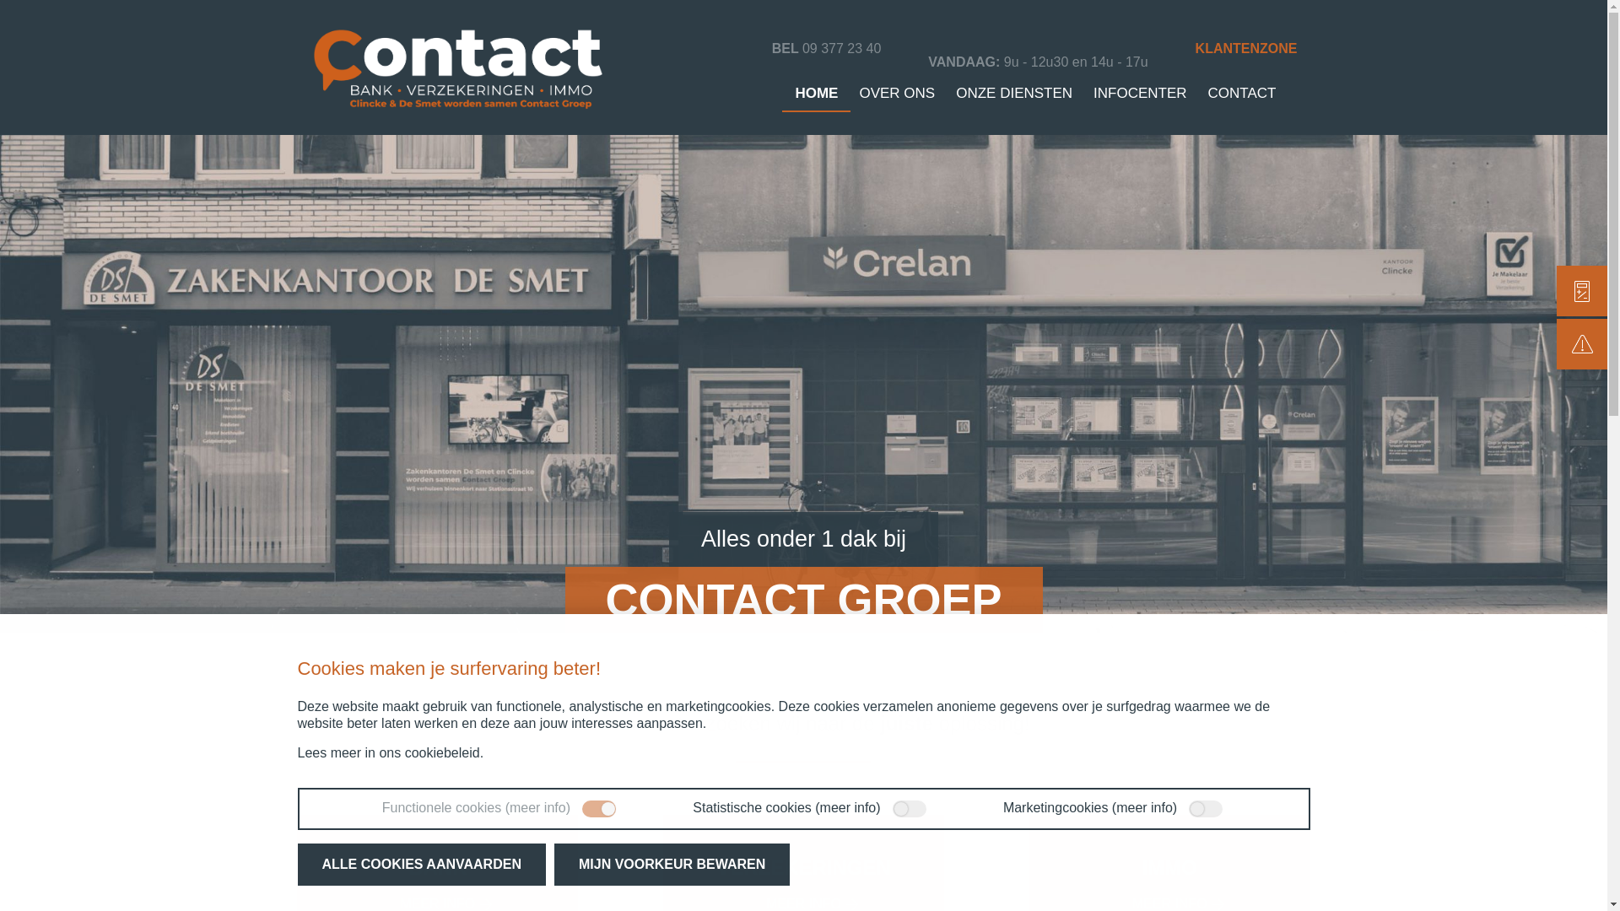  I want to click on 'ONZE DIENSTEN', so click(1012, 93).